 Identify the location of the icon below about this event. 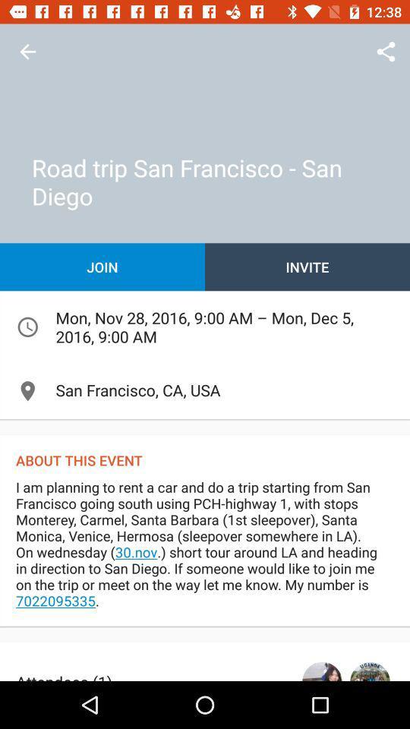
(205, 551).